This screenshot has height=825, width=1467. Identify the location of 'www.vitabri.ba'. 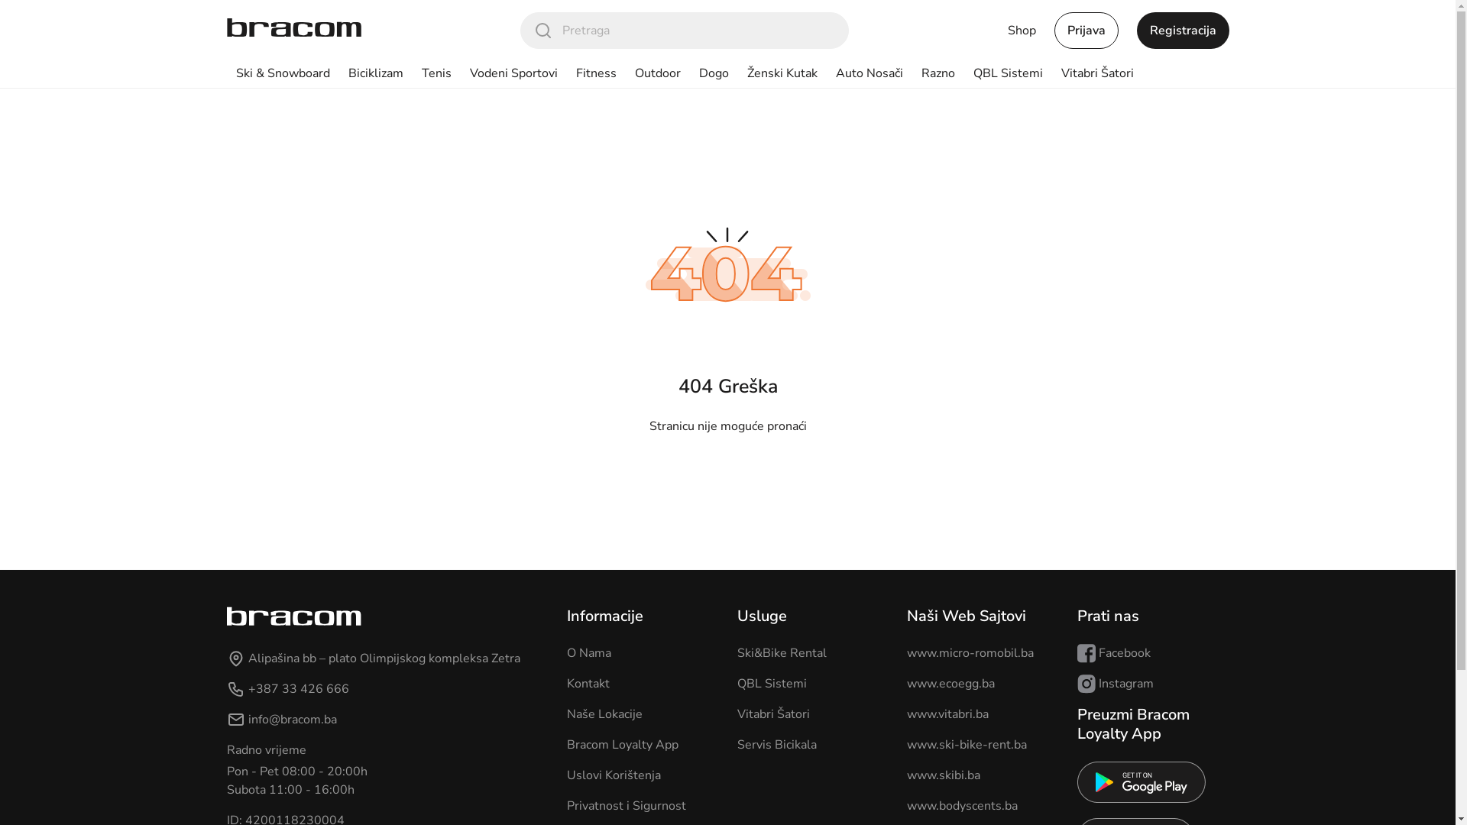
(947, 713).